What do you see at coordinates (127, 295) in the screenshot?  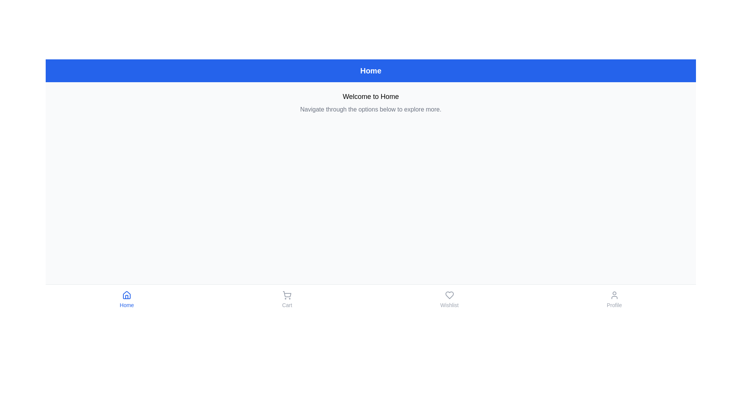 I see `the 'Home' icon in the bottom navigation bar, which is the first icon from the left and is positioned directly above the label 'Home'` at bounding box center [127, 295].